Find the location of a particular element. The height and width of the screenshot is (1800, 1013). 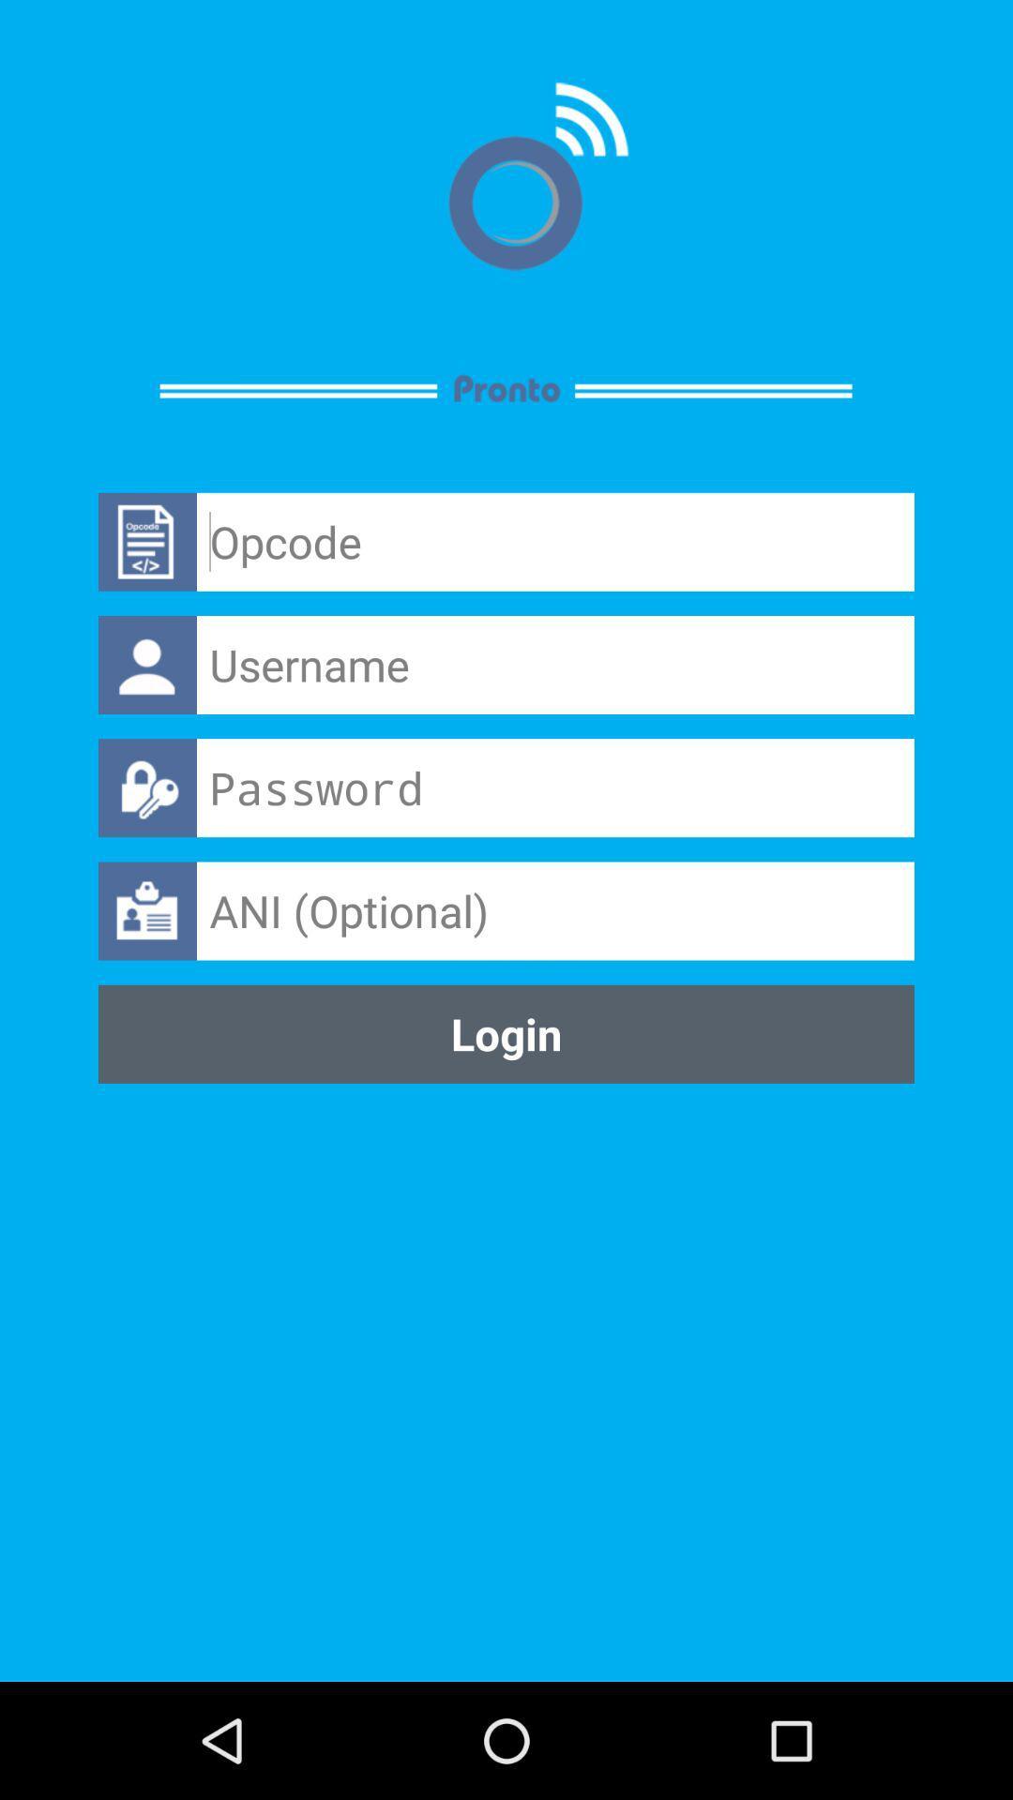

the login is located at coordinates (506, 1033).